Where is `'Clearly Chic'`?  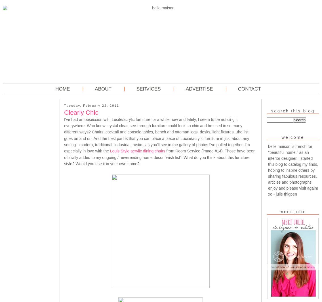 'Clearly Chic' is located at coordinates (64, 112).